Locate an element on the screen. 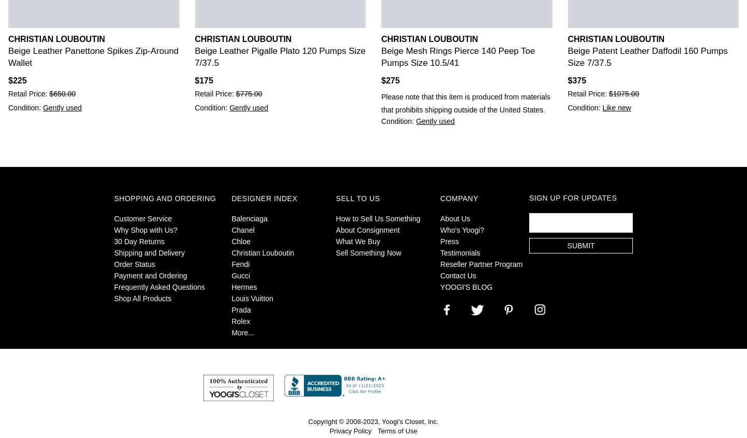  'Chanel' is located at coordinates (243, 230).